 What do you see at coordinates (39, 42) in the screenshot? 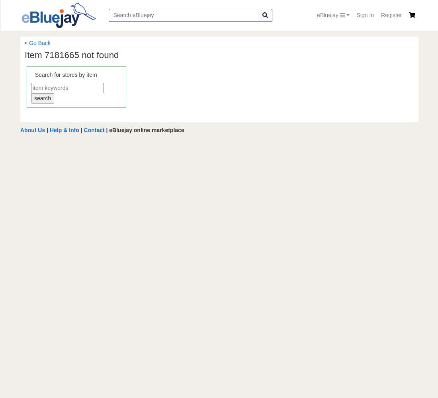
I see `'Go Back'` at bounding box center [39, 42].